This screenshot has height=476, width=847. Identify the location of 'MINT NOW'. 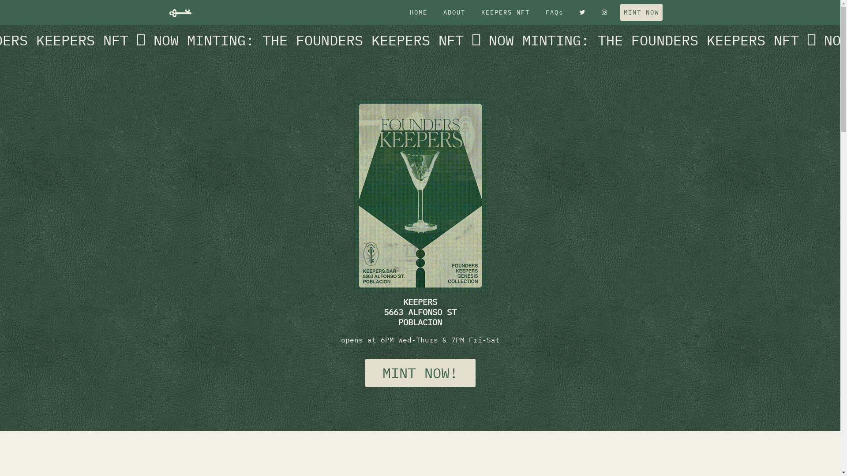
(641, 12).